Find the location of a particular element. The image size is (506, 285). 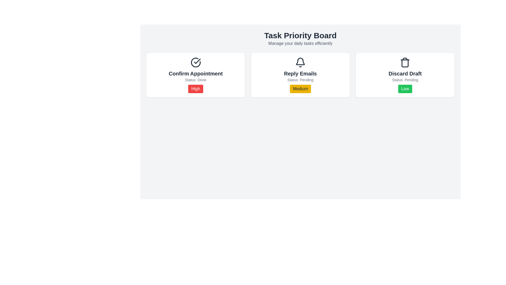

the Header Section displaying 'Task Priority Board' and 'Manage your daily tasks efficiently' at the top of the interface is located at coordinates (300, 38).